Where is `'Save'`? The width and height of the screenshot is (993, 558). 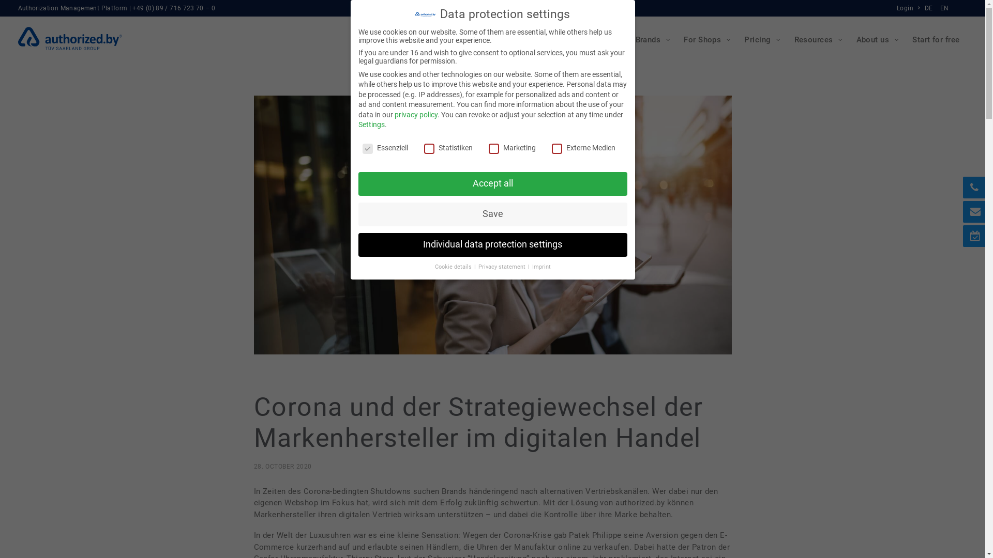 'Save' is located at coordinates (491, 214).